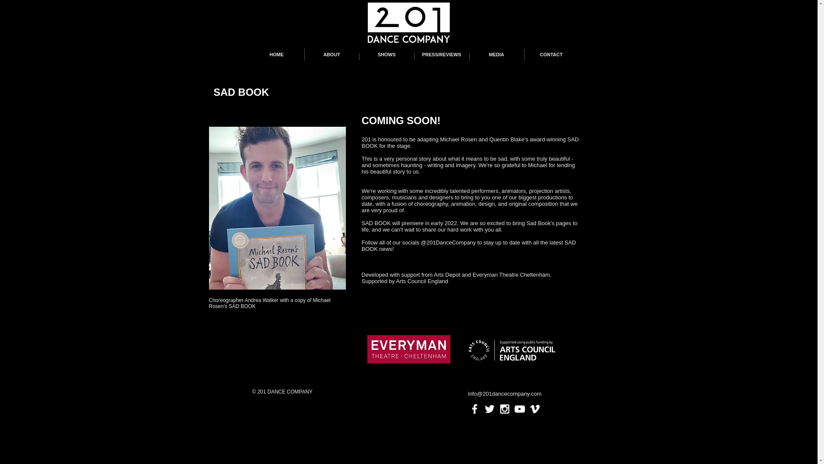  What do you see at coordinates (276, 55) in the screenshot?
I see `'HOME'` at bounding box center [276, 55].